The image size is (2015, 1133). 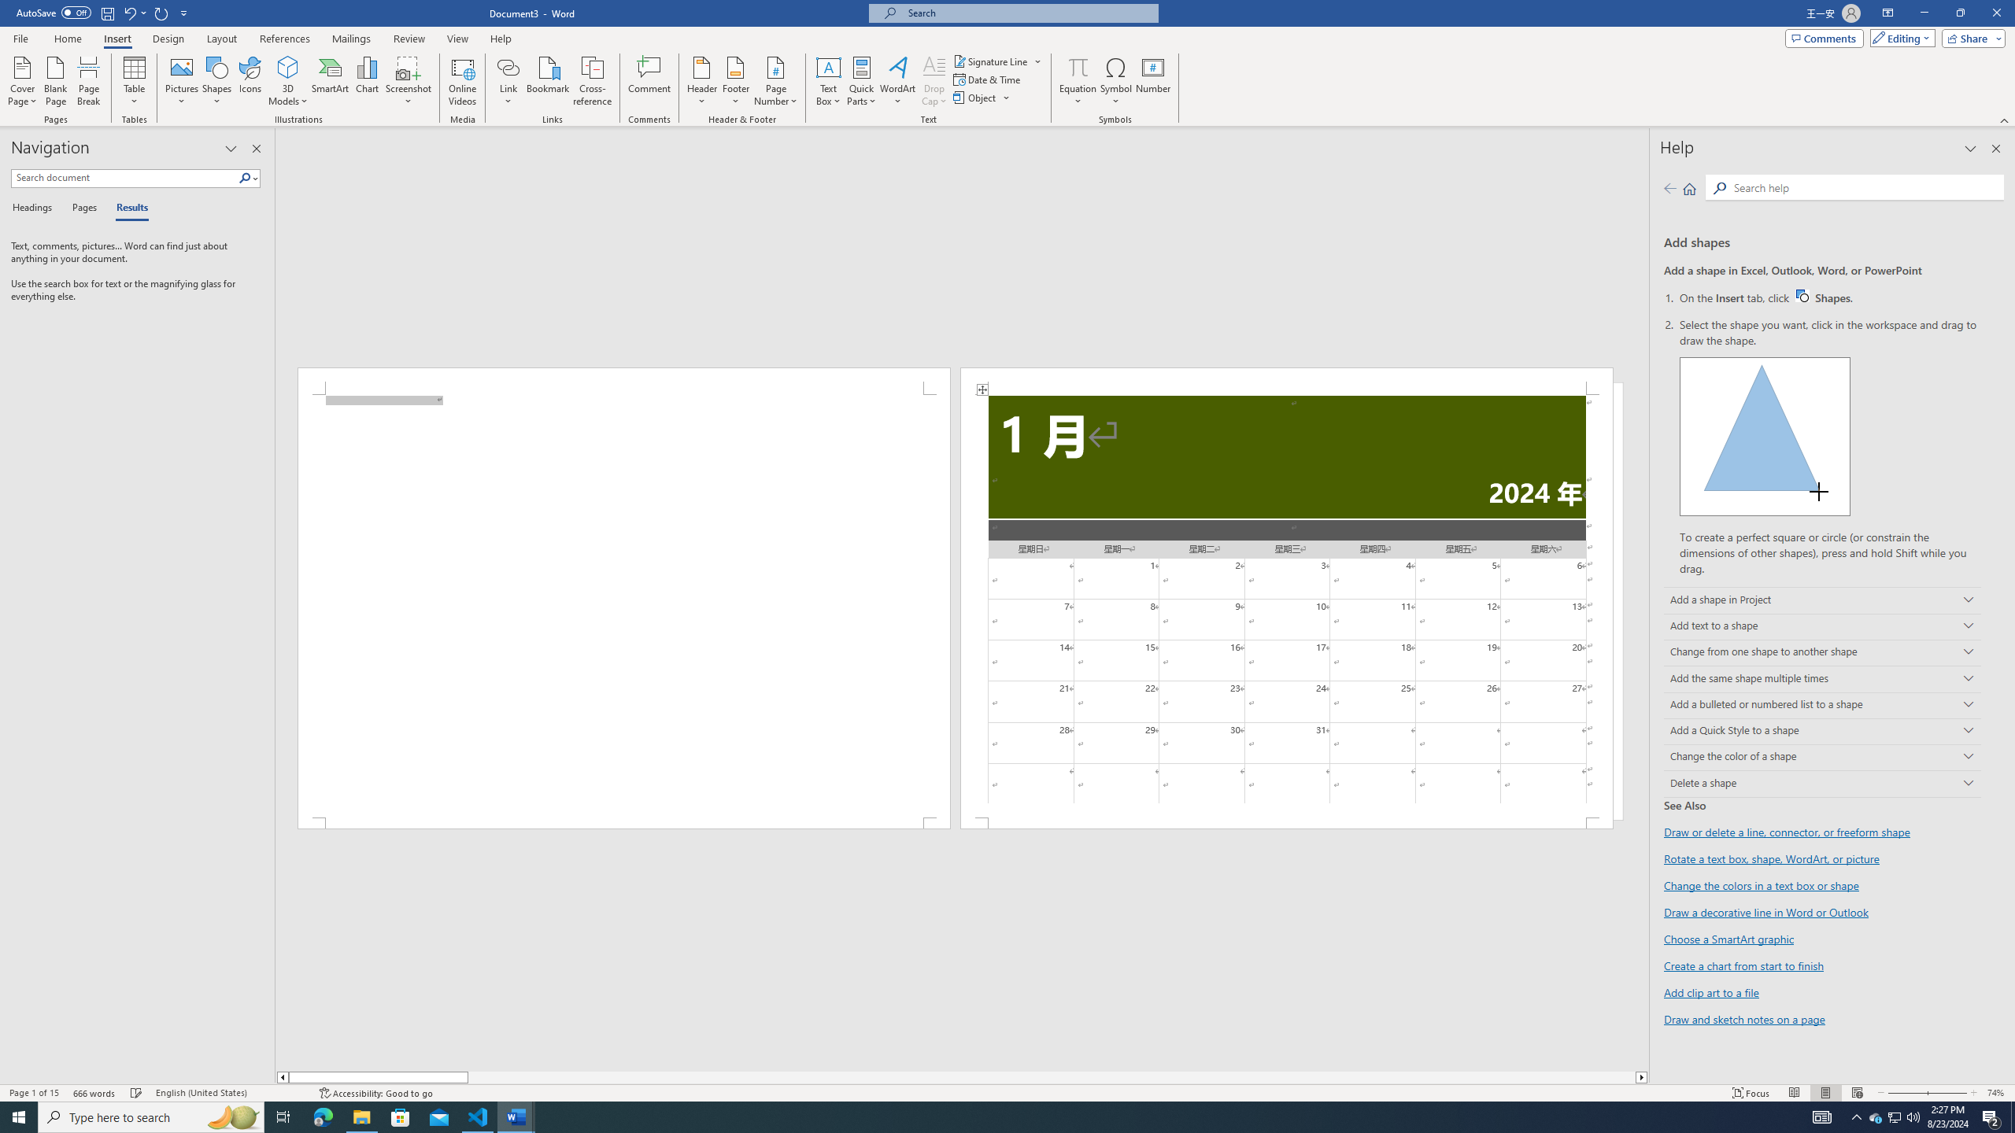 What do you see at coordinates (1822, 600) in the screenshot?
I see `'Add a shape in Project'` at bounding box center [1822, 600].